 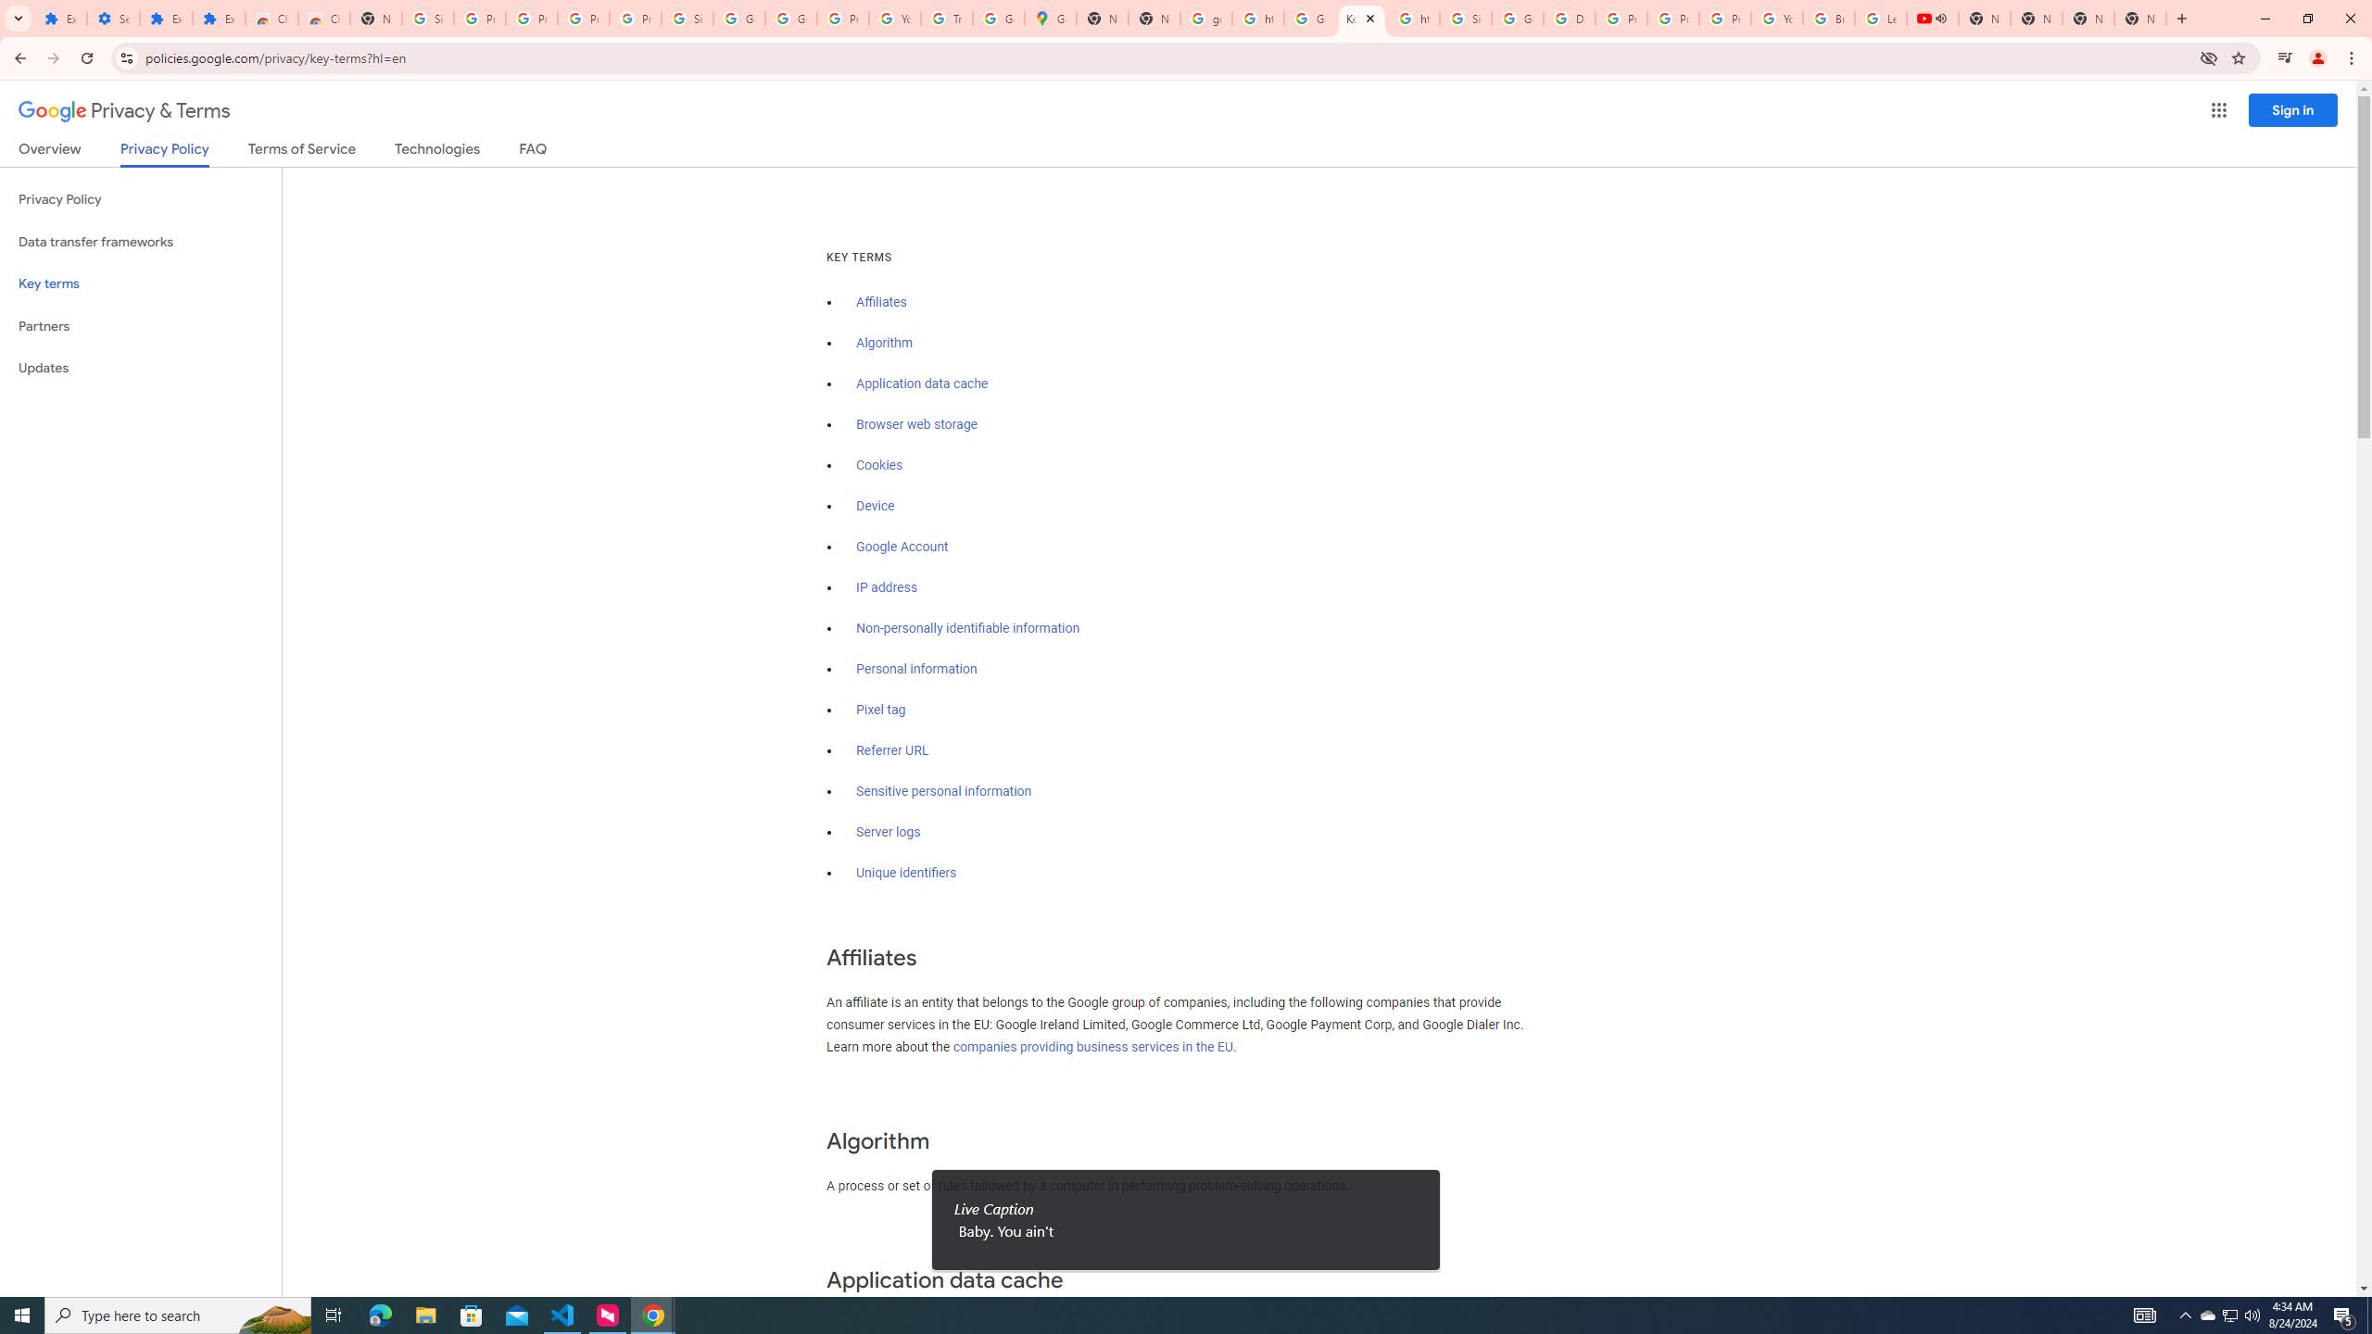 I want to click on 'Sensitive personal information', so click(x=943, y=791).